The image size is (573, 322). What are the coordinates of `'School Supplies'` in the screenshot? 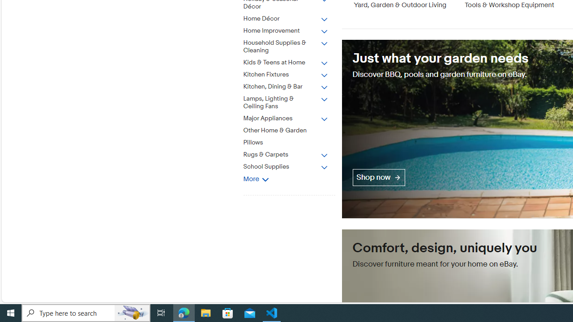 It's located at (285, 167).